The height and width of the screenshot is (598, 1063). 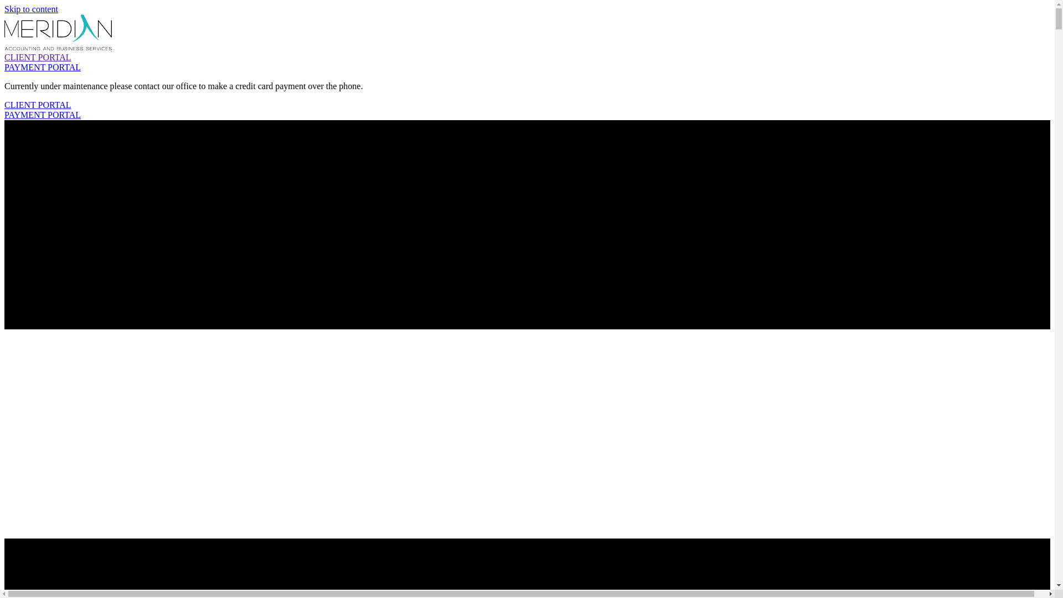 I want to click on 'CLIENT PORTAL', so click(x=38, y=105).